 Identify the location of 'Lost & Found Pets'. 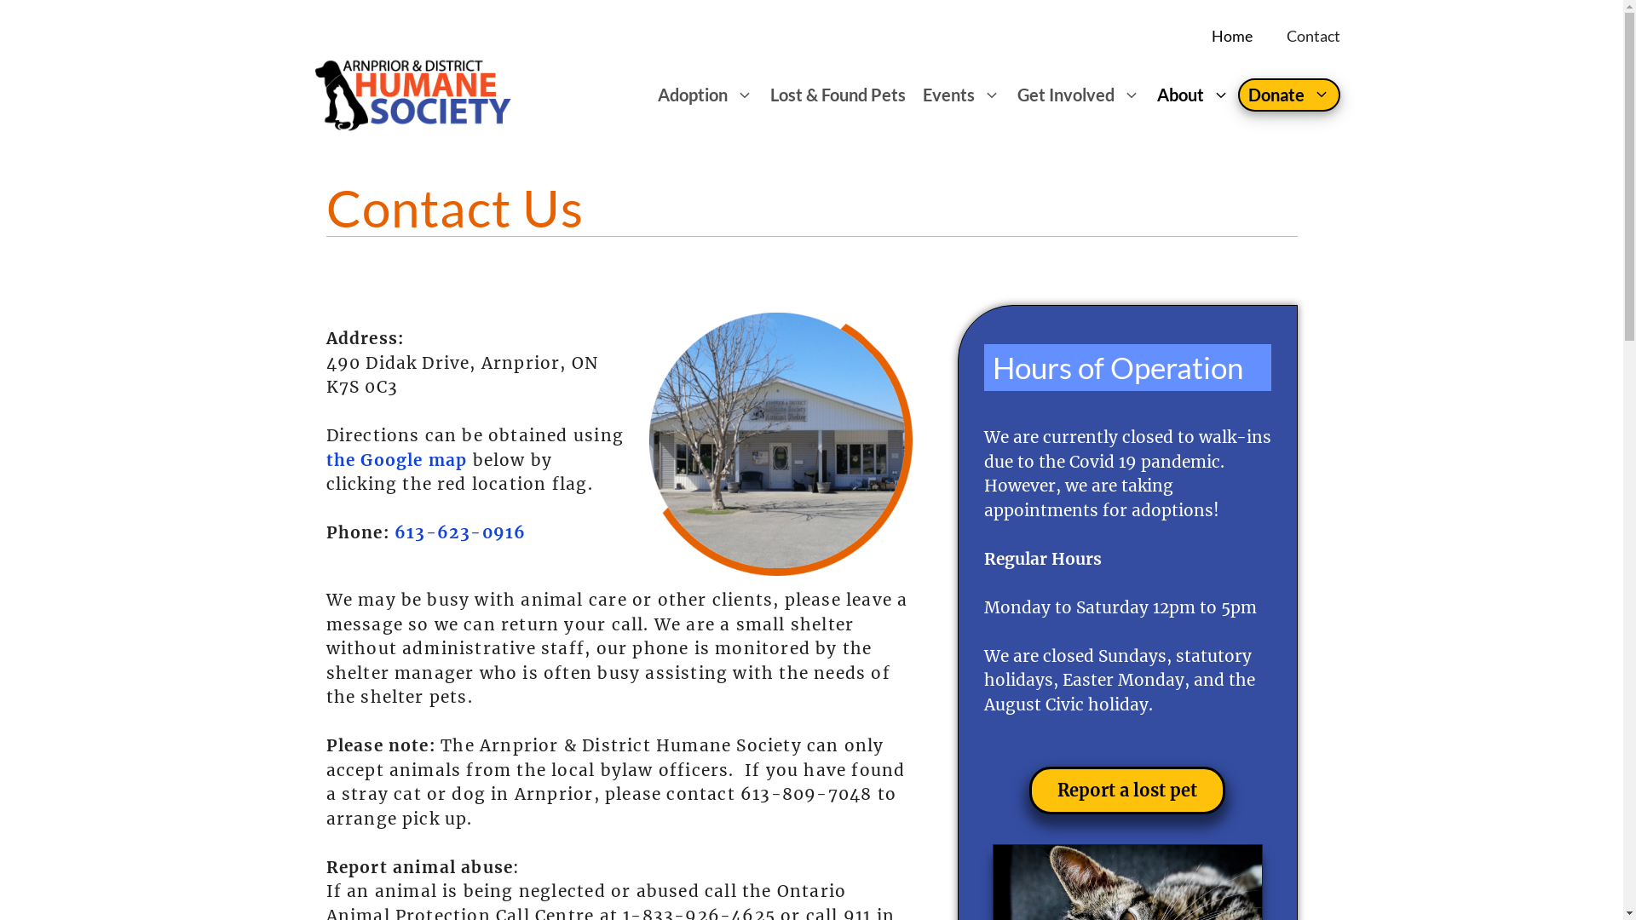
(838, 95).